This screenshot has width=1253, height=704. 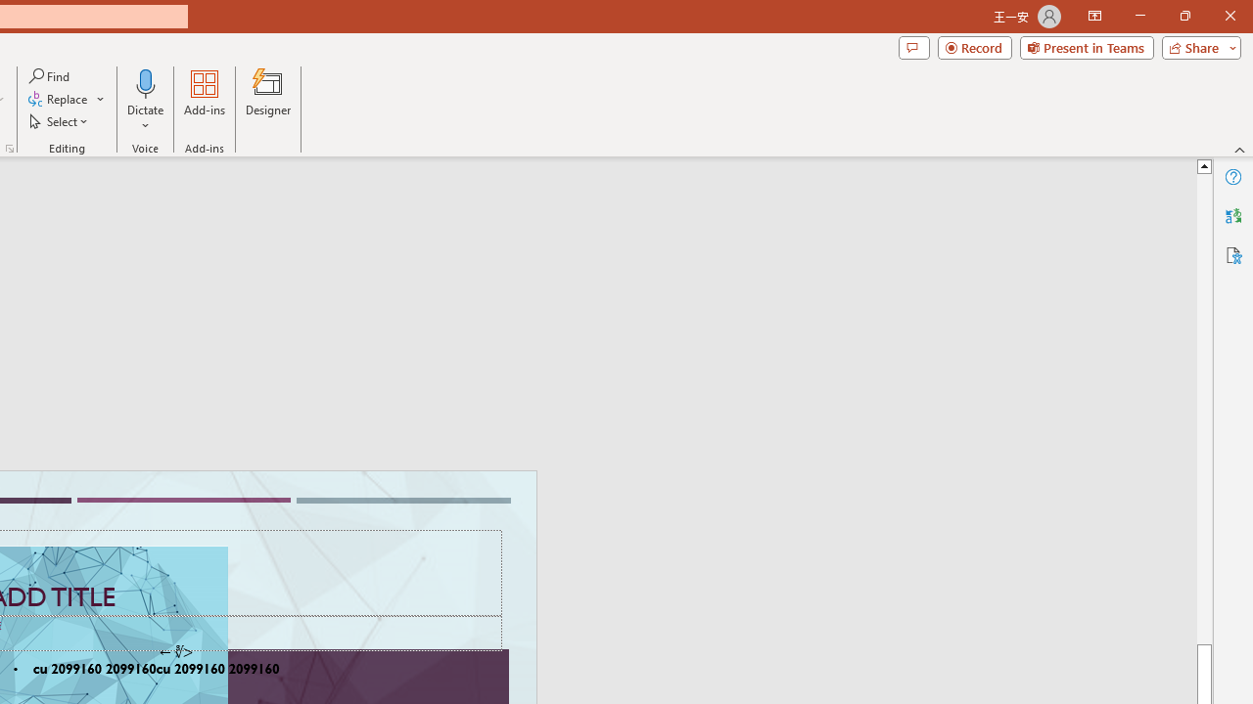 I want to click on 'Minimize', so click(x=1139, y=16).